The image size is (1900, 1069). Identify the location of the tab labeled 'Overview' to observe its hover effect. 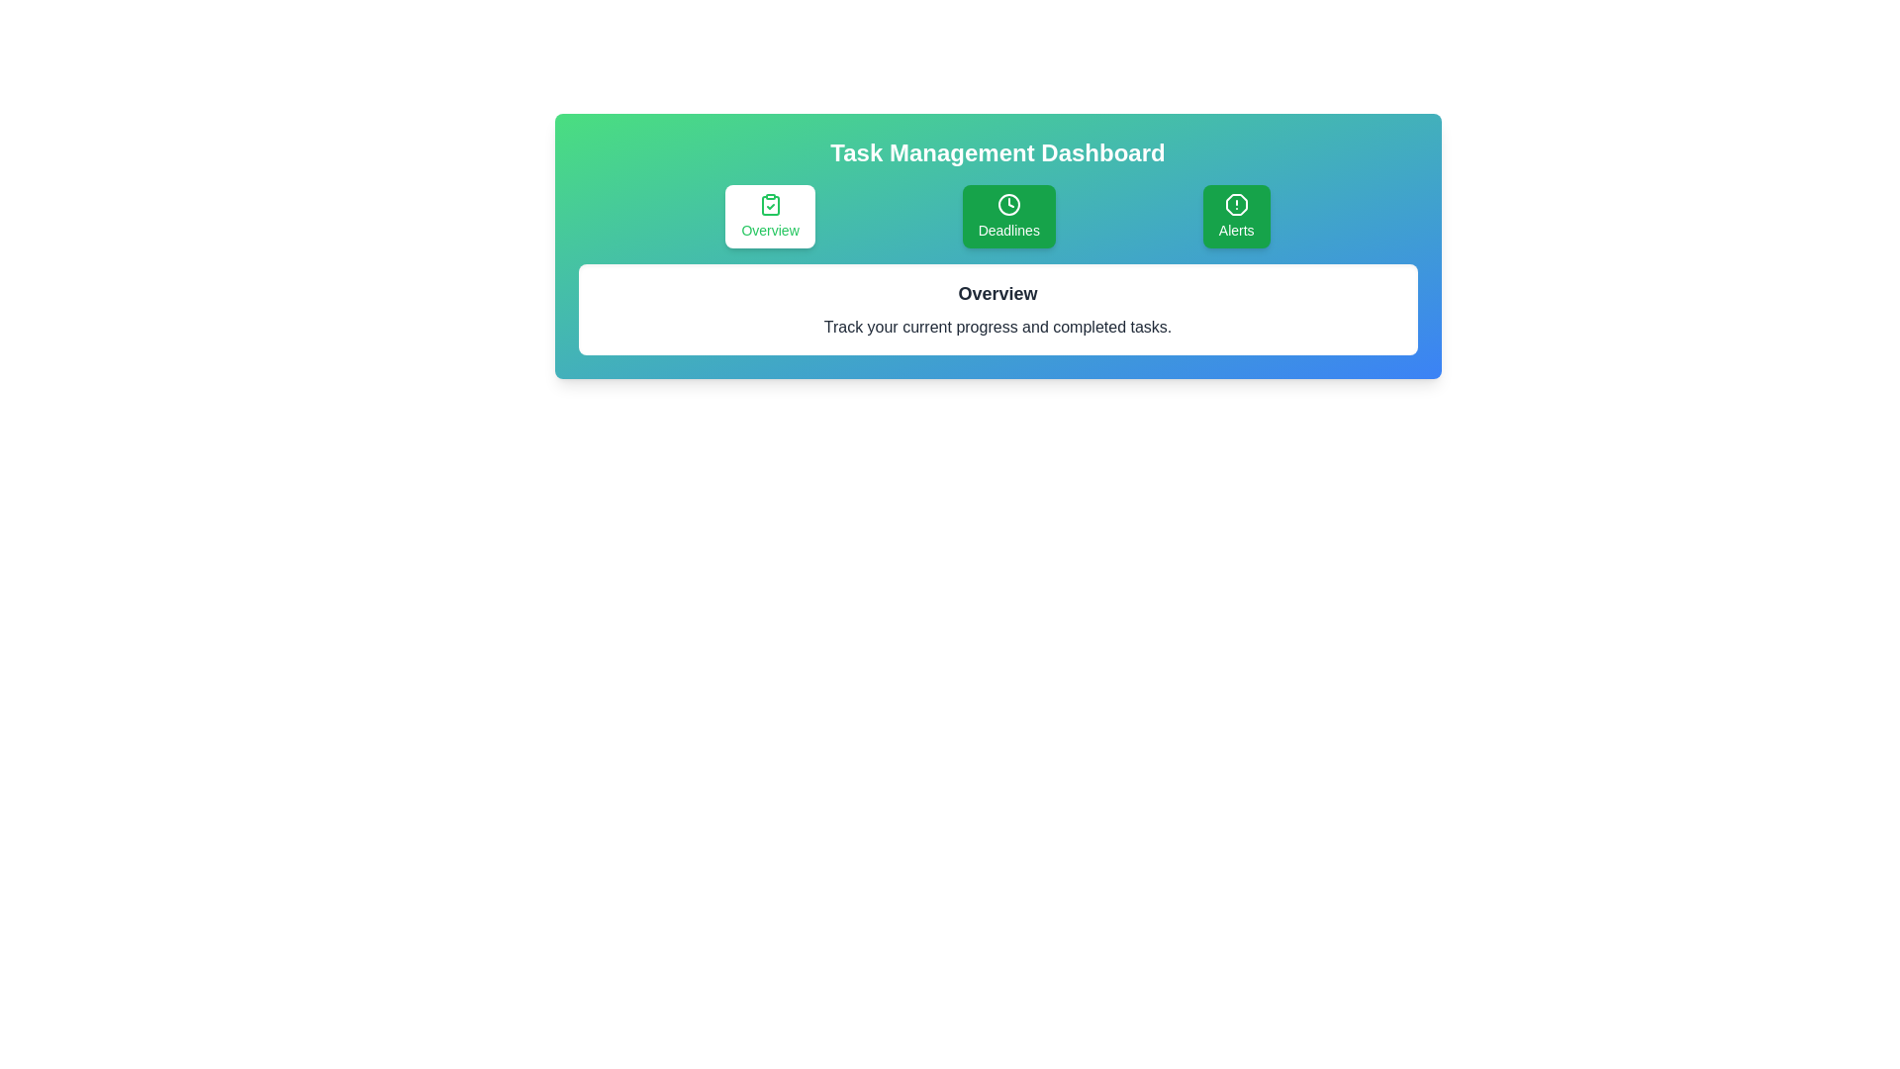
(769, 217).